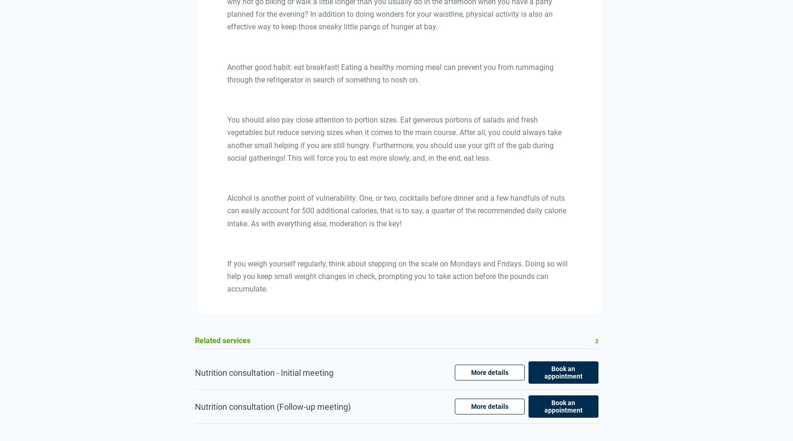 Image resolution: width=793 pixels, height=441 pixels. I want to click on 'Alcohol is another point of vulnerability. One, or two, cocktails before dinner and a few handfuls of nuts can easily account for 500 additional calories, that is to say, a quarter of the recommended daily calorie intake. As with everything else, moderation is the key!', so click(396, 210).